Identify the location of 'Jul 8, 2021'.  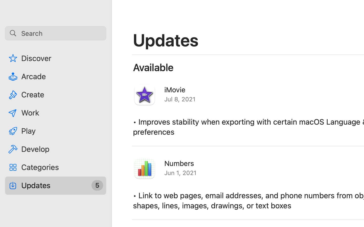
(180, 99).